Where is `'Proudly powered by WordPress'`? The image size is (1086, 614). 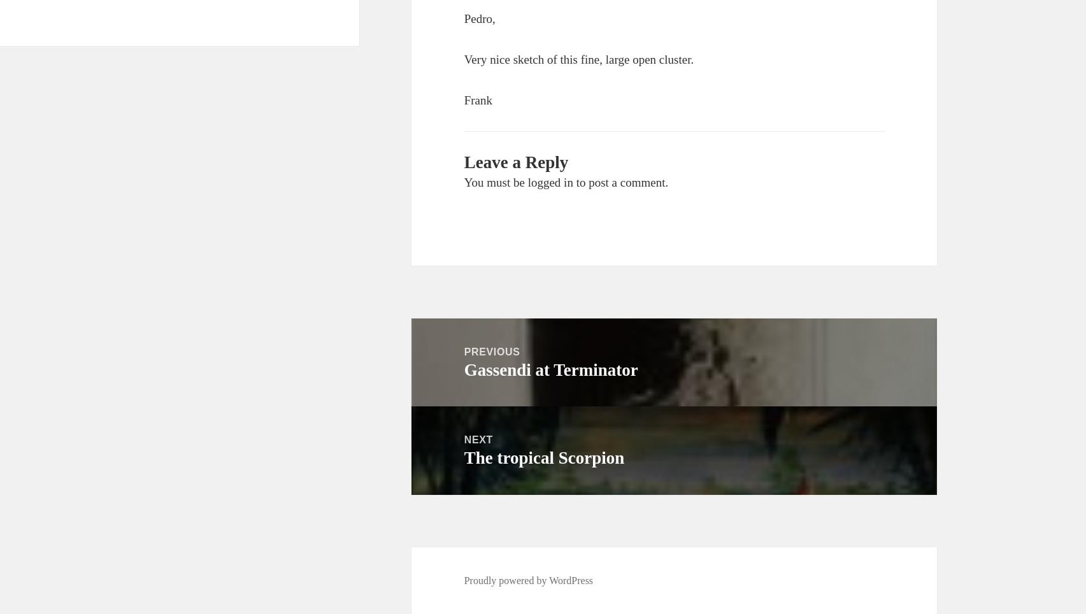 'Proudly powered by WordPress' is located at coordinates (528, 580).